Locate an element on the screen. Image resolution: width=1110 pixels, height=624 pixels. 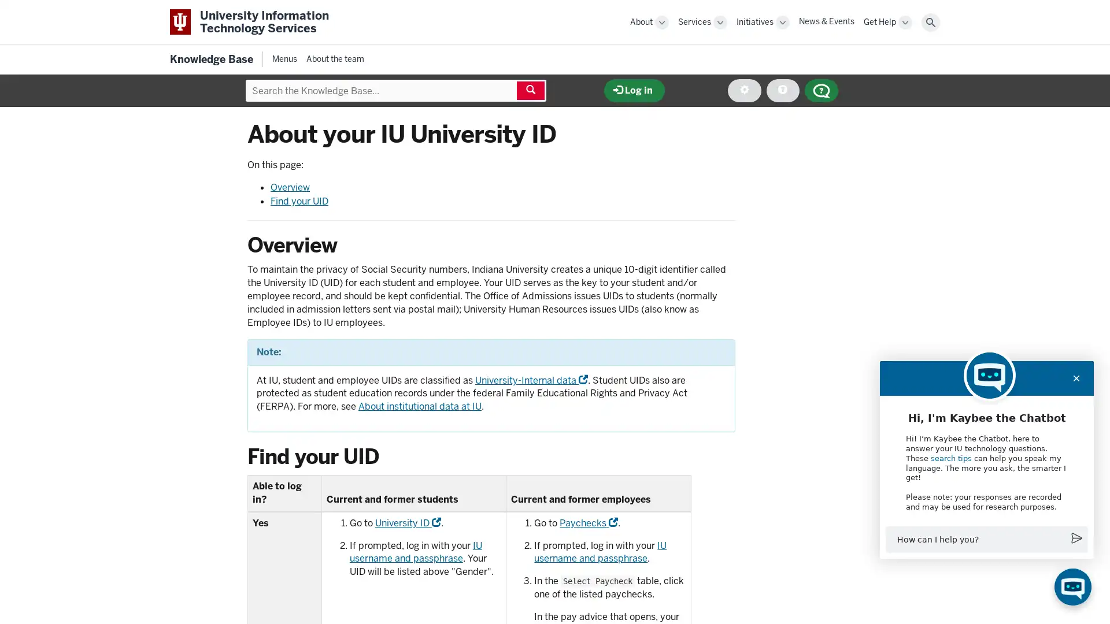
Hi, I'm Kaybee the Chatbot. Hi! Im Kaybee the Chatbot, here to answer your IU technology questions. These <a href="https://kb.iu.edu/d/bgpf#tips">search tips</a> can help you speak my language. The more you ask, the smarter I get!<br><br>Please note: your responses are recorded and may be used for research purposes. Click or press Enter to open the chat is located at coordinates (1072, 586).